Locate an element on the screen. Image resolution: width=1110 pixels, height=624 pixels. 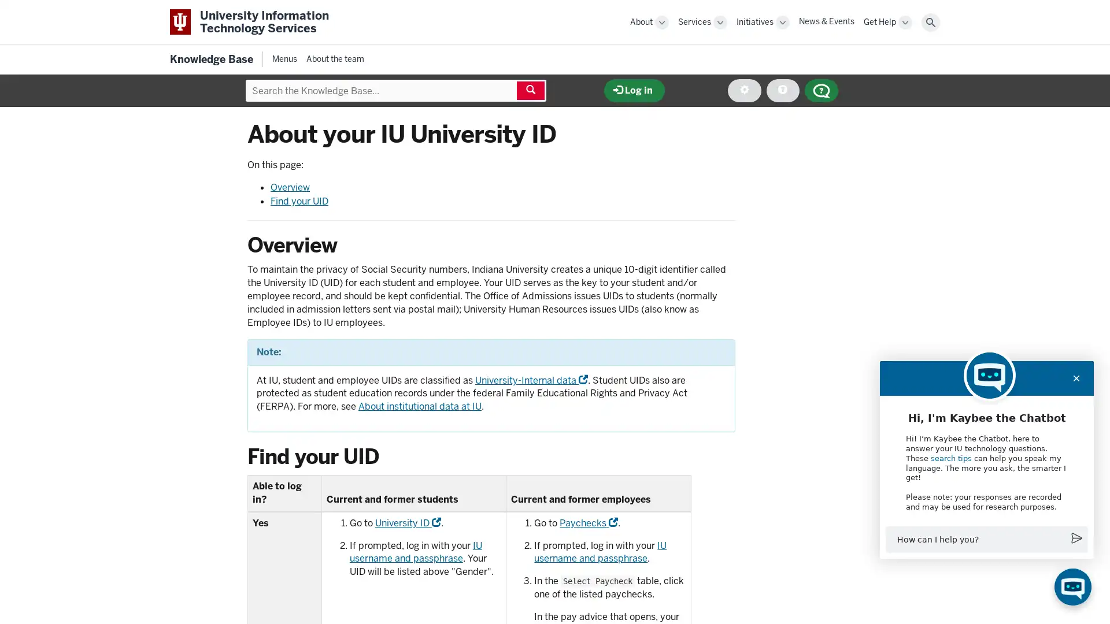
Hi, I'm Kaybee the Chatbot. Hi! Im Kaybee the Chatbot, here to answer your IU technology questions. These <a href="https://kb.iu.edu/d/bgpf#tips">search tips</a> can help you speak my language. The more you ask, the smarter I get!<br><br>Please note: your responses are recorded and may be used for research purposes. Click or press Enter to open the chat is located at coordinates (1072, 586).